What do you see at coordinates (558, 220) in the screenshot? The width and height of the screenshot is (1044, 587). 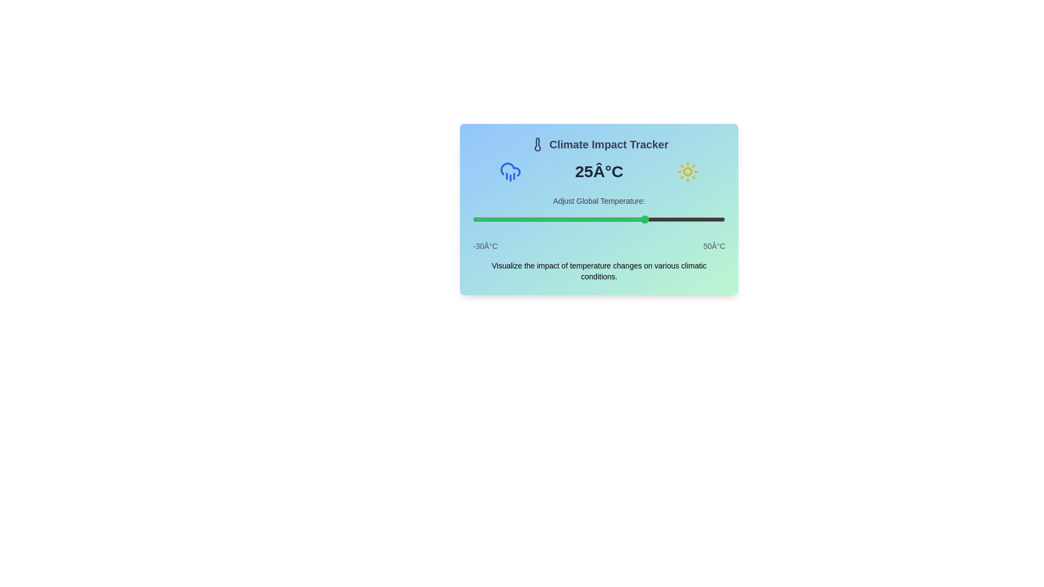 I see `the slider to set the temperature to -3°C` at bounding box center [558, 220].